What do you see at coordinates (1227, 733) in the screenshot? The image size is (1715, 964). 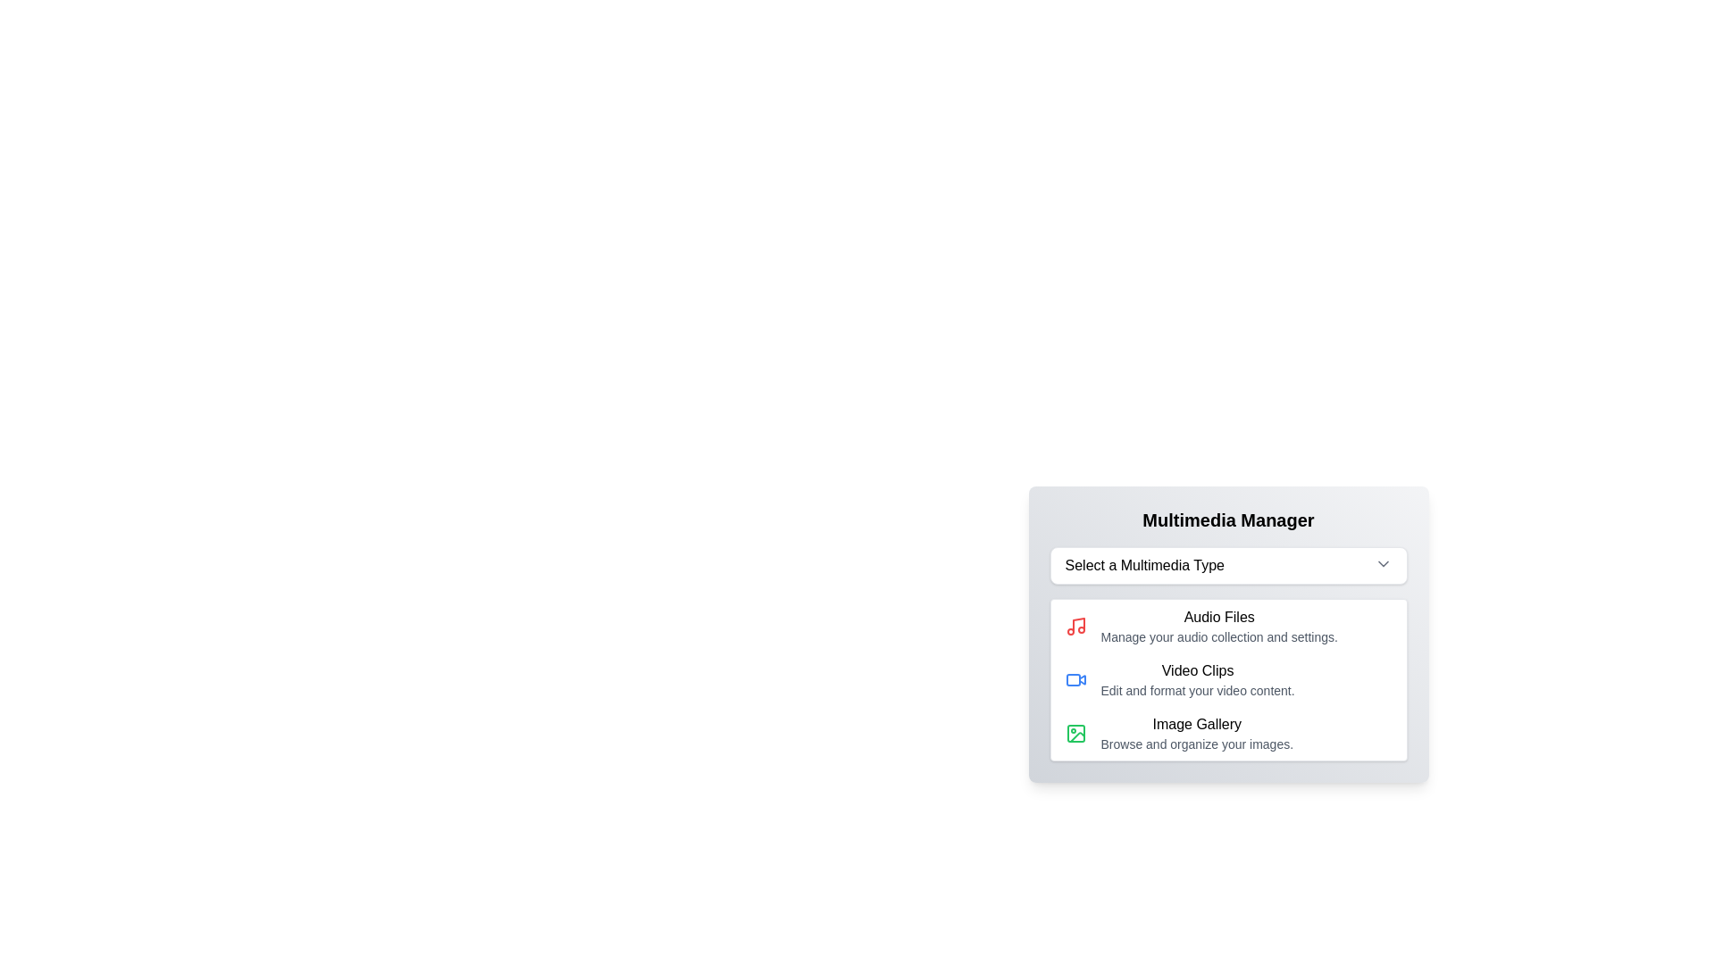 I see `the 'Image Gallery' button located within the 'Multimedia Manager' panel` at bounding box center [1227, 733].